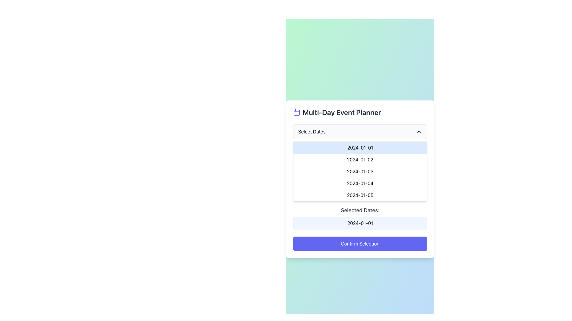 Image resolution: width=572 pixels, height=321 pixels. I want to click on the upward Chevron icon located to the right of the 'Select Dates' input box, so click(419, 131).